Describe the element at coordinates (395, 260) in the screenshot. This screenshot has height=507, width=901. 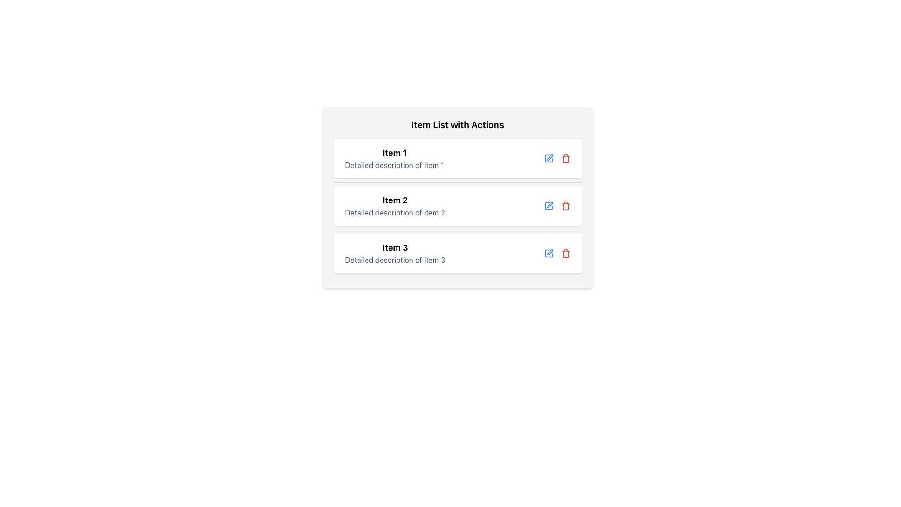
I see `the text element located beneath 'Item 3' in a structured format` at that location.